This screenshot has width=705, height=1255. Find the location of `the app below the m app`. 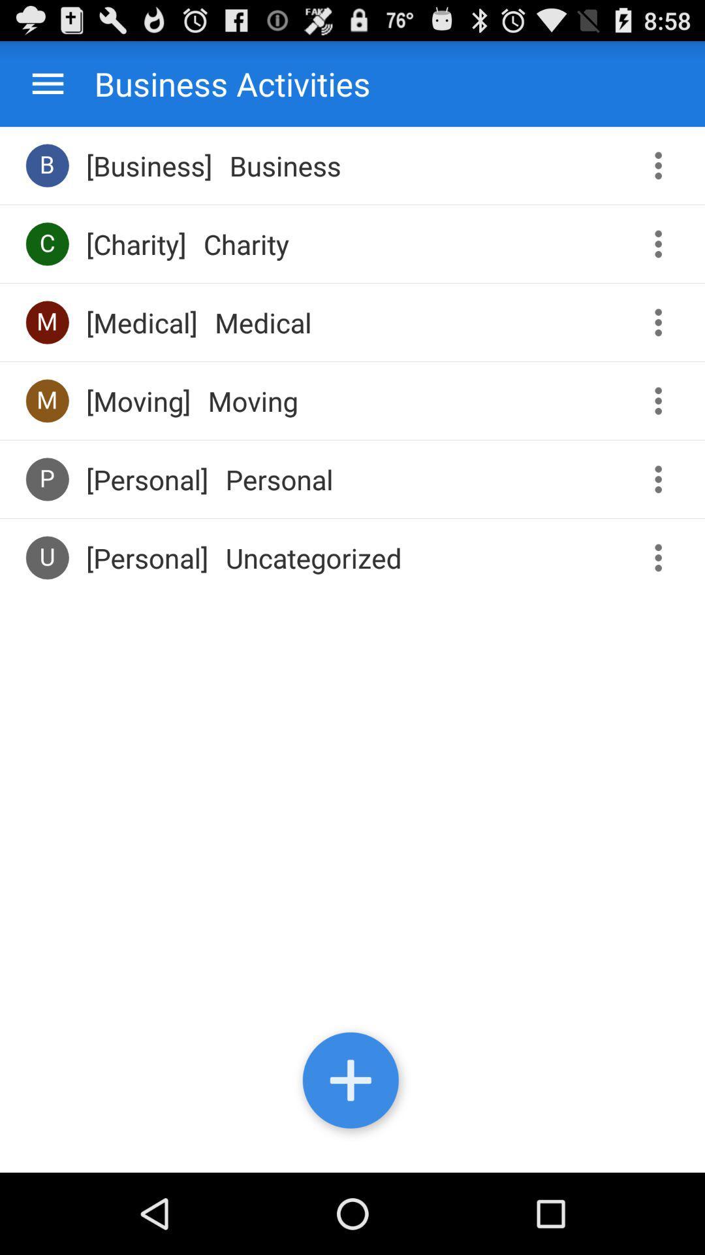

the app below the m app is located at coordinates (46, 478).